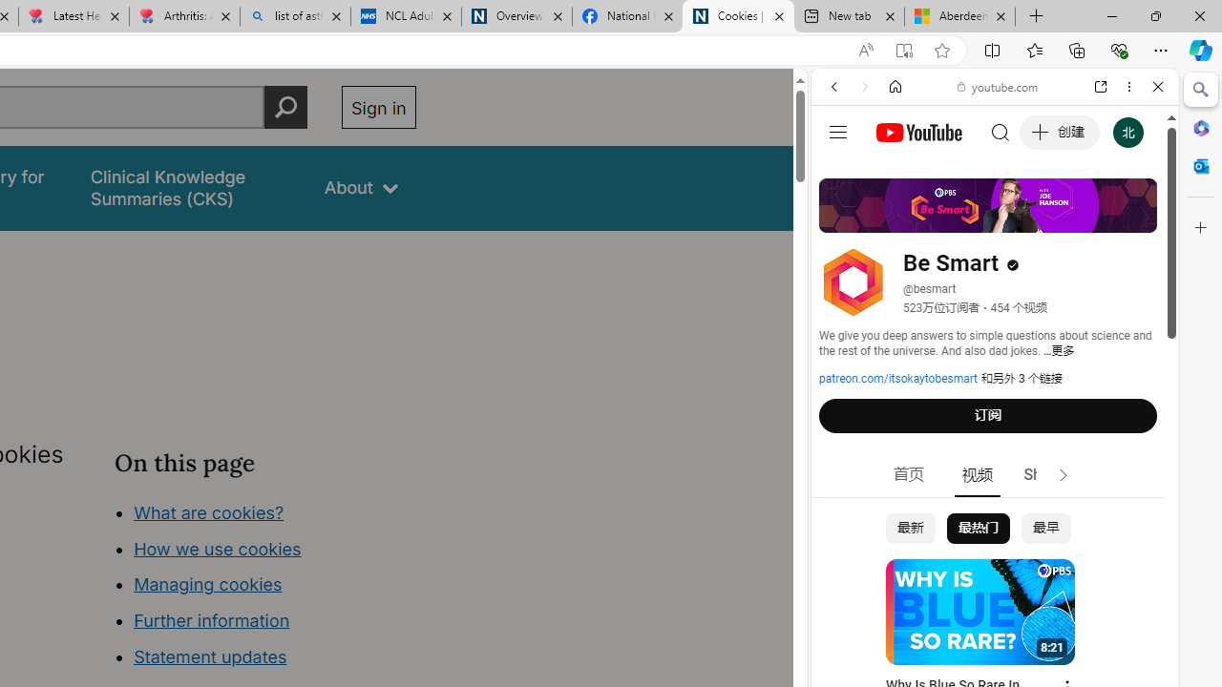  I want to click on 'Shorts', so click(1045, 474).